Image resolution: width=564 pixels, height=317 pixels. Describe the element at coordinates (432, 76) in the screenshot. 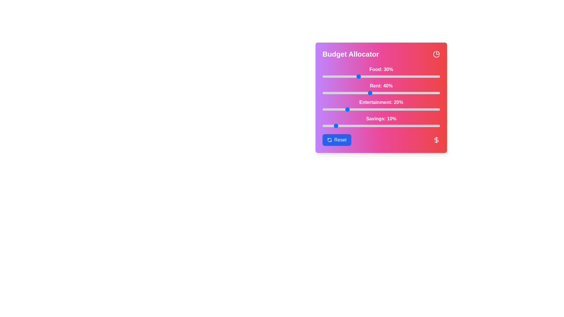

I see `'Food' slider` at that location.